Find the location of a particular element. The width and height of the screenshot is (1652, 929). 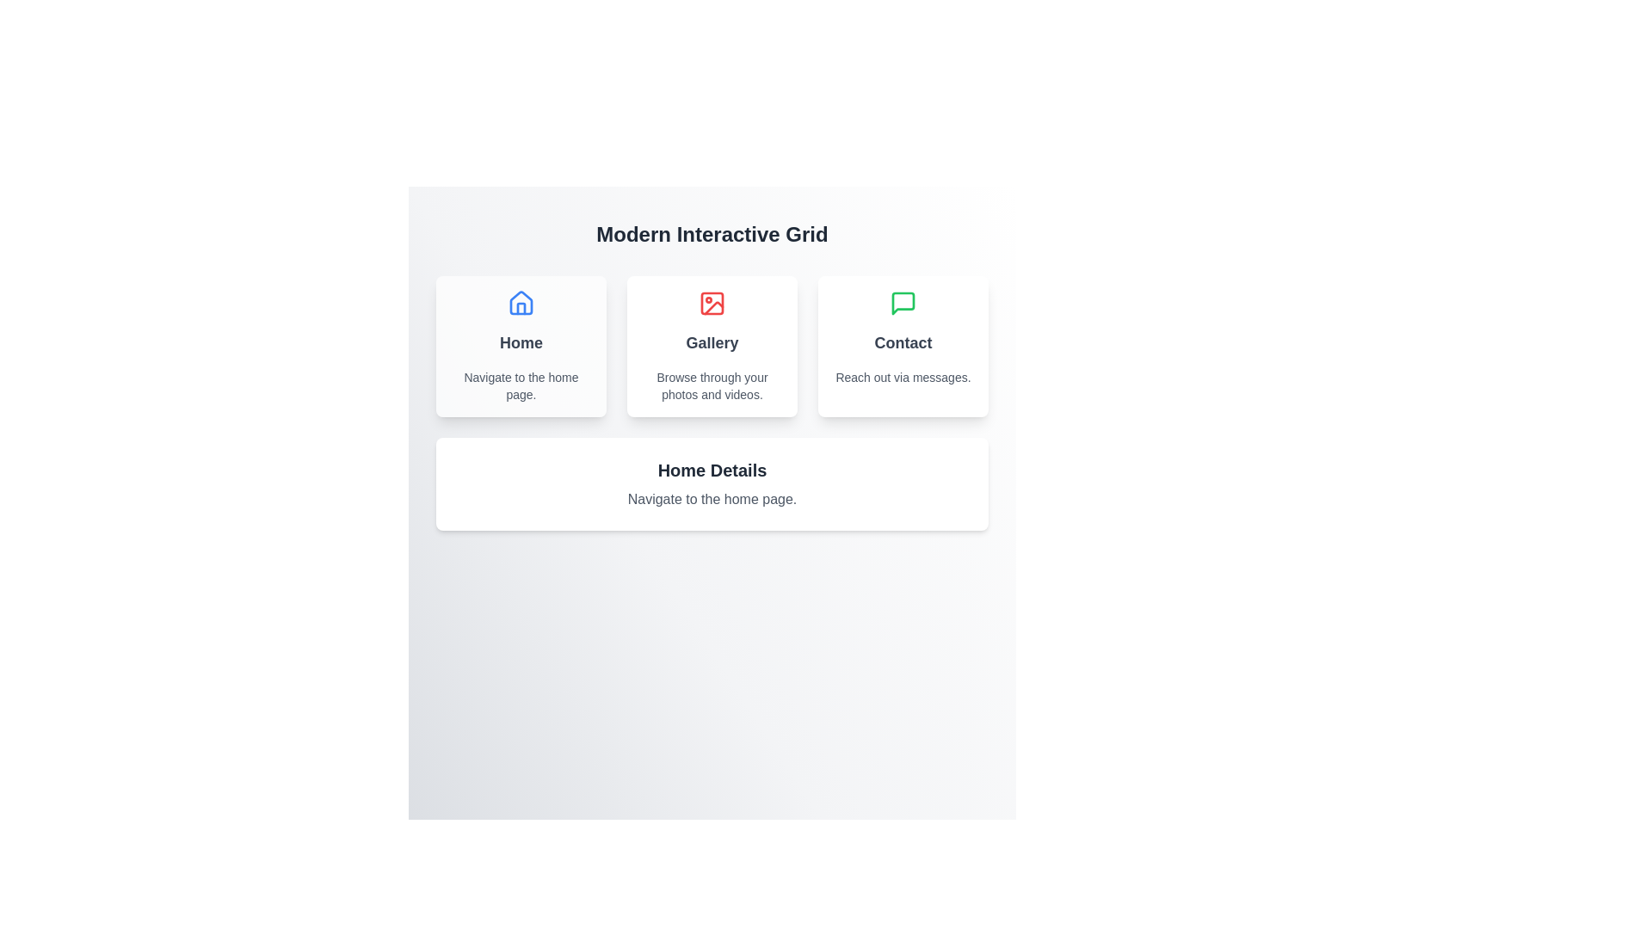

the 'Home' icon, which represents navigation to the homepage and is located in the middle of the 'Home' card at the top of the interface is located at coordinates (520, 303).